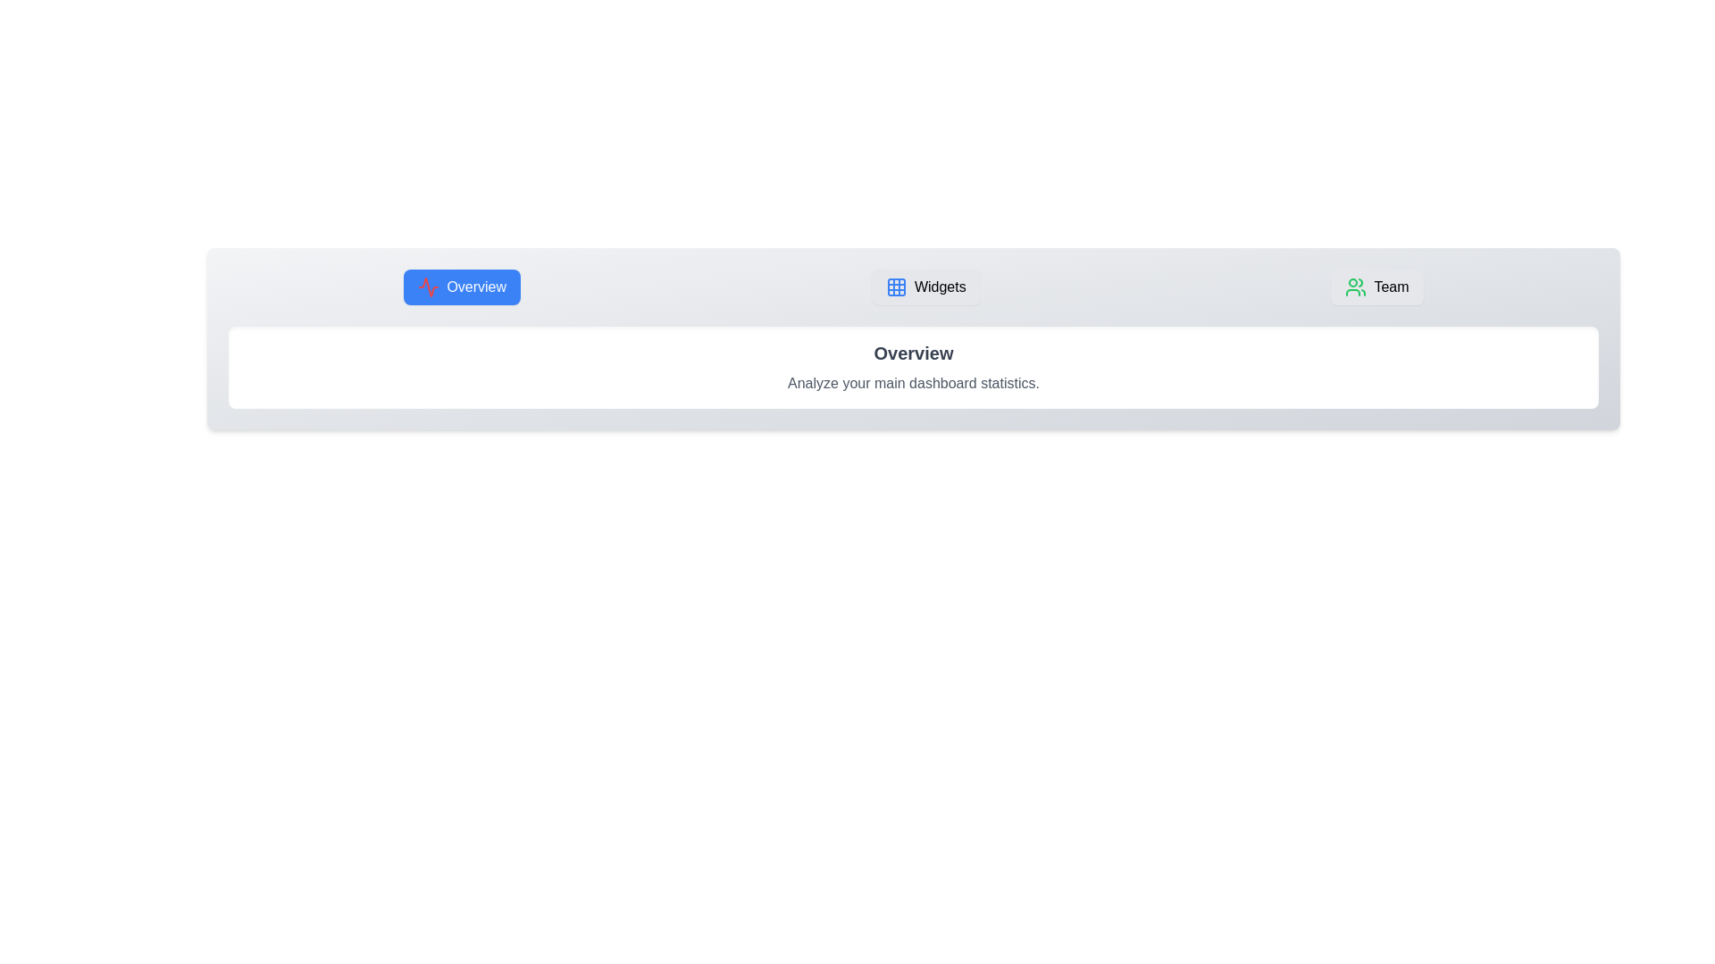  I want to click on the icon associated with the Widgets tab to activate it, so click(896, 286).